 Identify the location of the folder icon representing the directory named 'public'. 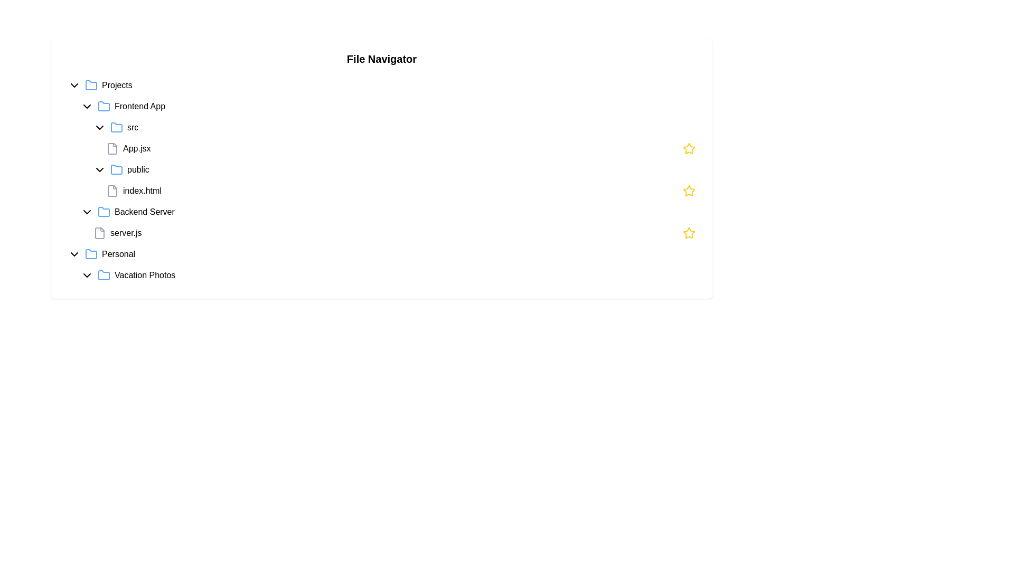
(116, 169).